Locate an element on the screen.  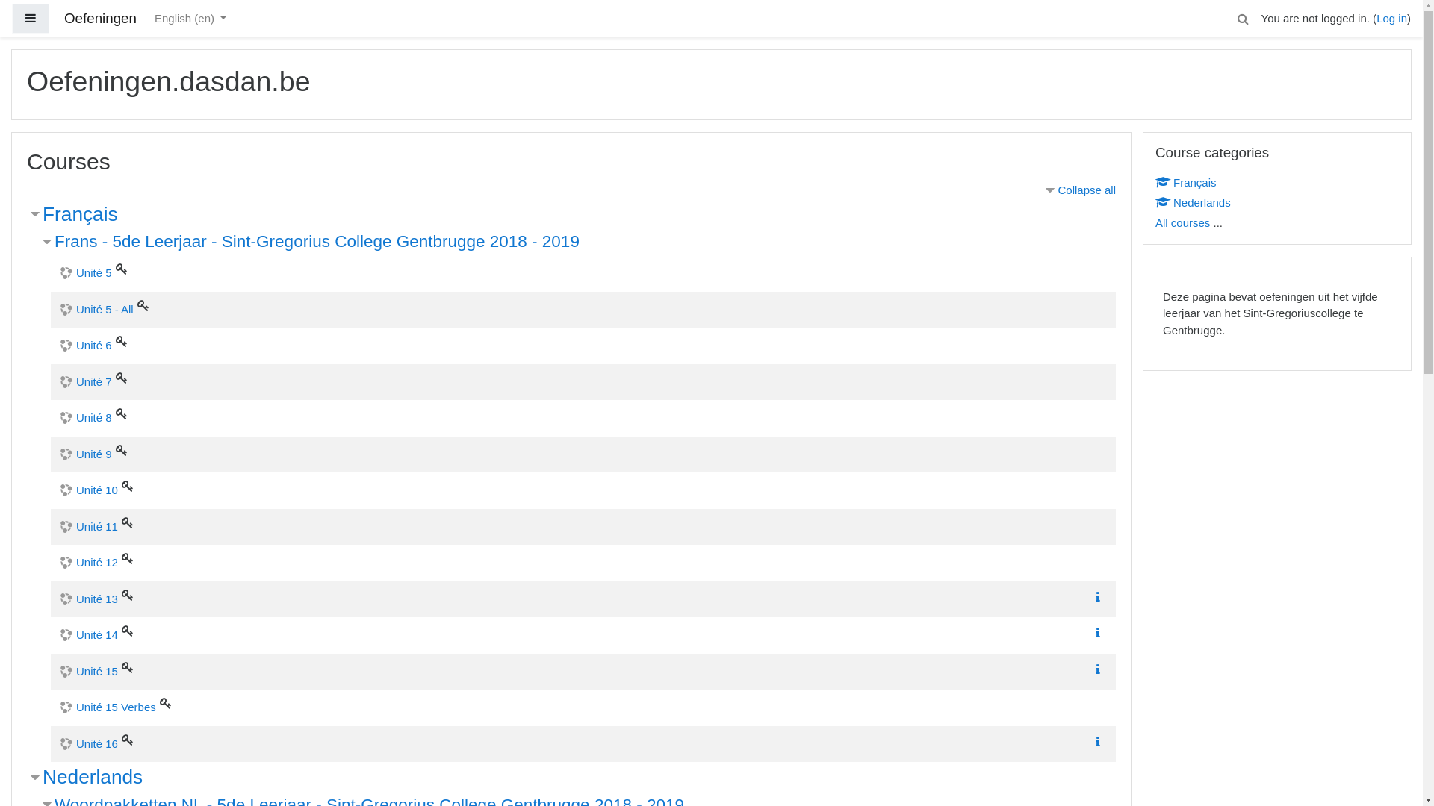
'English (en)' is located at coordinates (189, 19).